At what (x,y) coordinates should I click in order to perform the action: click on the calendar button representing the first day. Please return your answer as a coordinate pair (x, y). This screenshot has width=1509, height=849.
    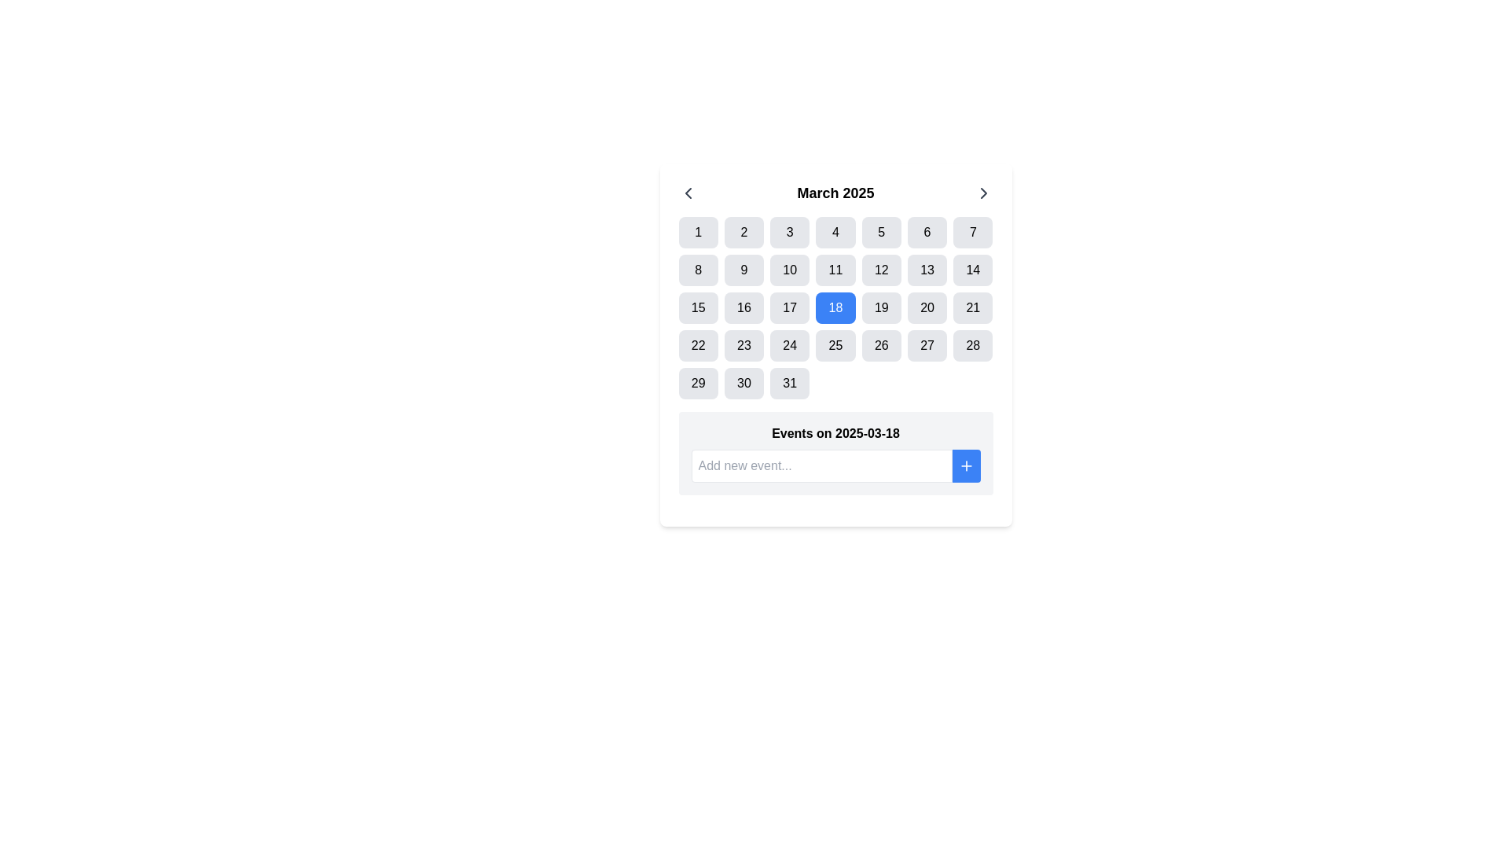
    Looking at the image, I should click on (697, 233).